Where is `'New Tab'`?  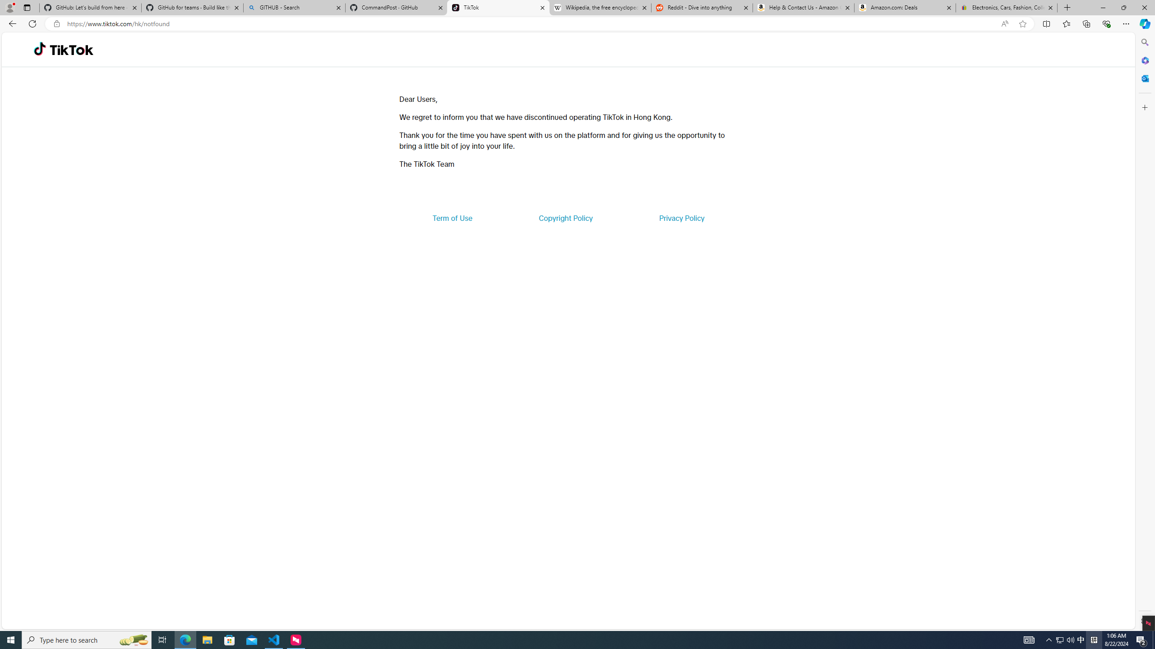 'New Tab' is located at coordinates (1067, 7).